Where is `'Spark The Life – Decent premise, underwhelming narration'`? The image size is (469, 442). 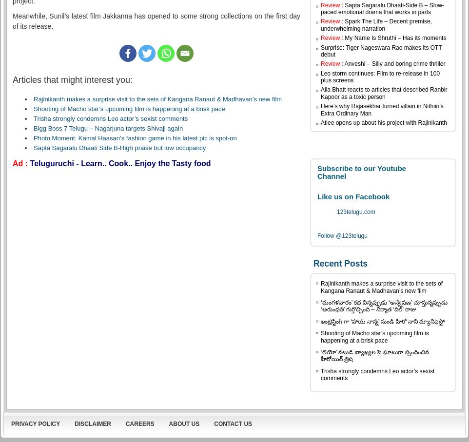
'Spark The Life – Decent premise, underwhelming narration' is located at coordinates (375, 24).